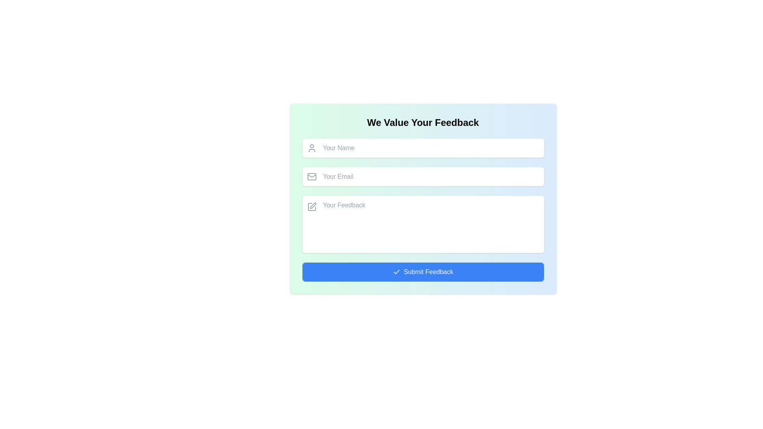  I want to click on the submit button located at the bottom of the feedback form to validate the input fields and send the data, so click(422, 272).